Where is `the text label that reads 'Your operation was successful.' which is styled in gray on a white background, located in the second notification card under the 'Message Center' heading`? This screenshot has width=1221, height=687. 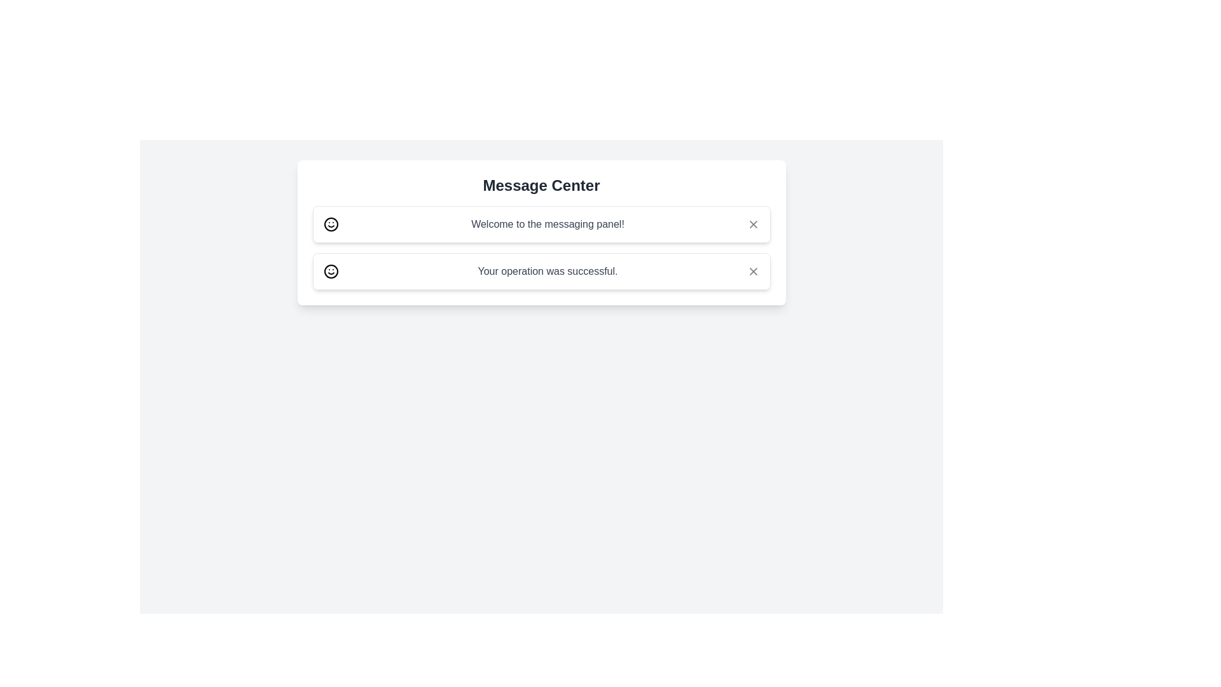
the text label that reads 'Your operation was successful.' which is styled in gray on a white background, located in the second notification card under the 'Message Center' heading is located at coordinates (548, 271).